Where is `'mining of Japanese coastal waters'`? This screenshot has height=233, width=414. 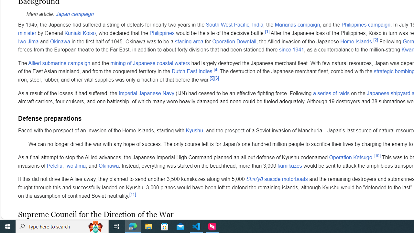 'mining of Japanese coastal waters' is located at coordinates (150, 63).